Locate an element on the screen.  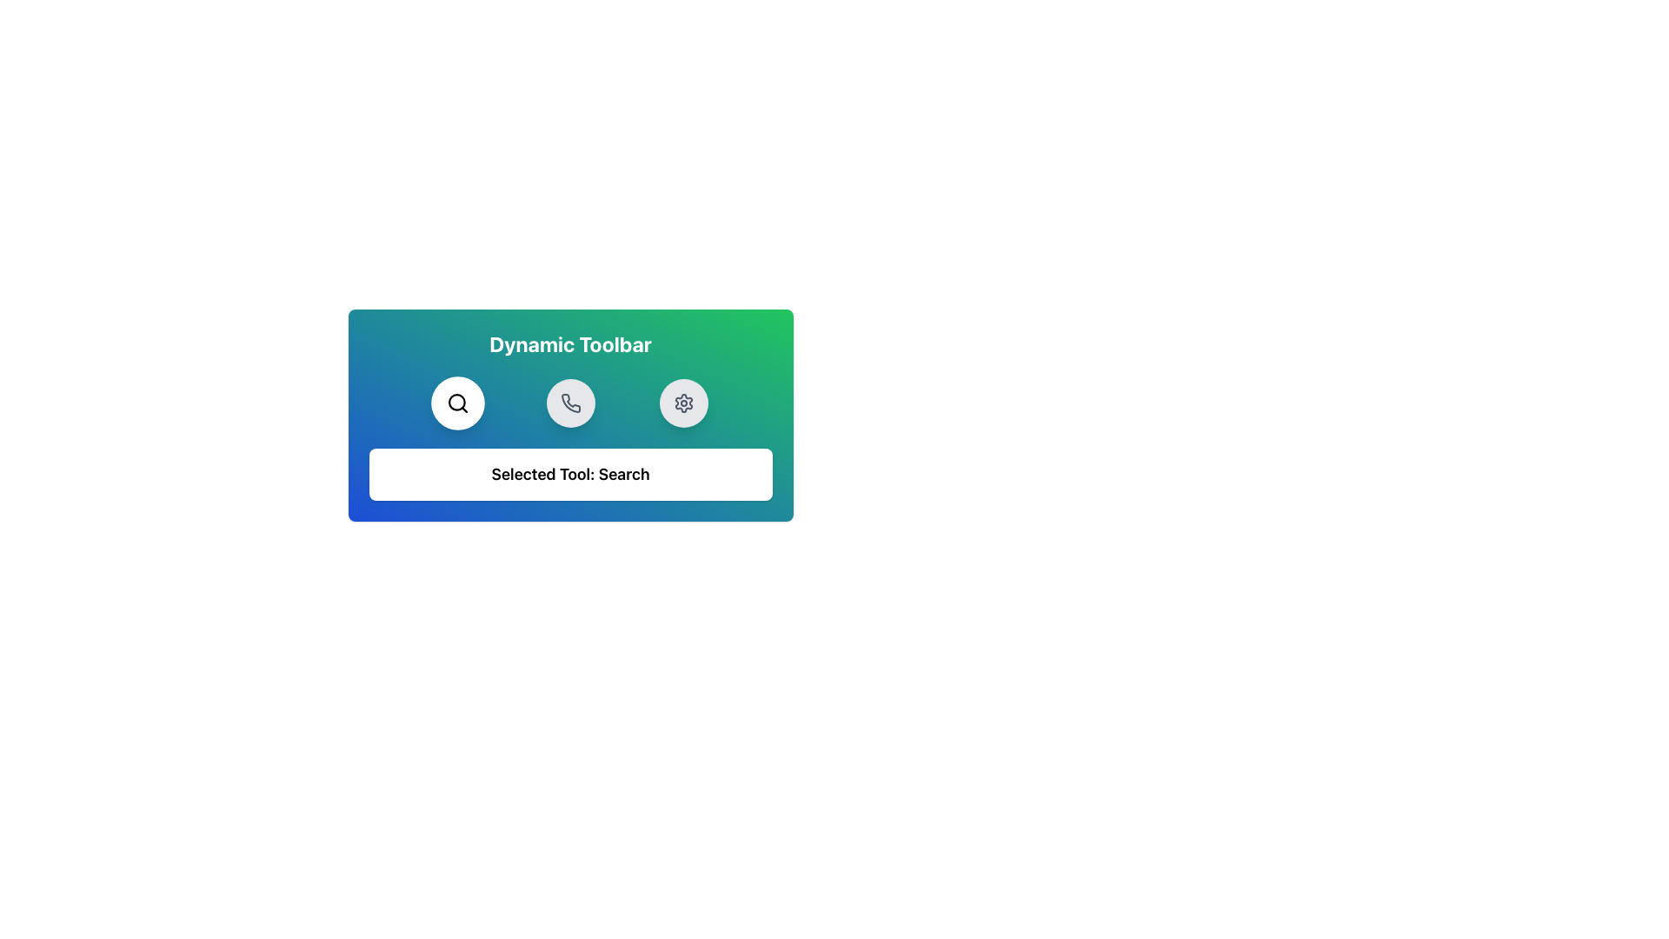
the settings icon located in the Dynamic Toolbar is located at coordinates (682, 403).